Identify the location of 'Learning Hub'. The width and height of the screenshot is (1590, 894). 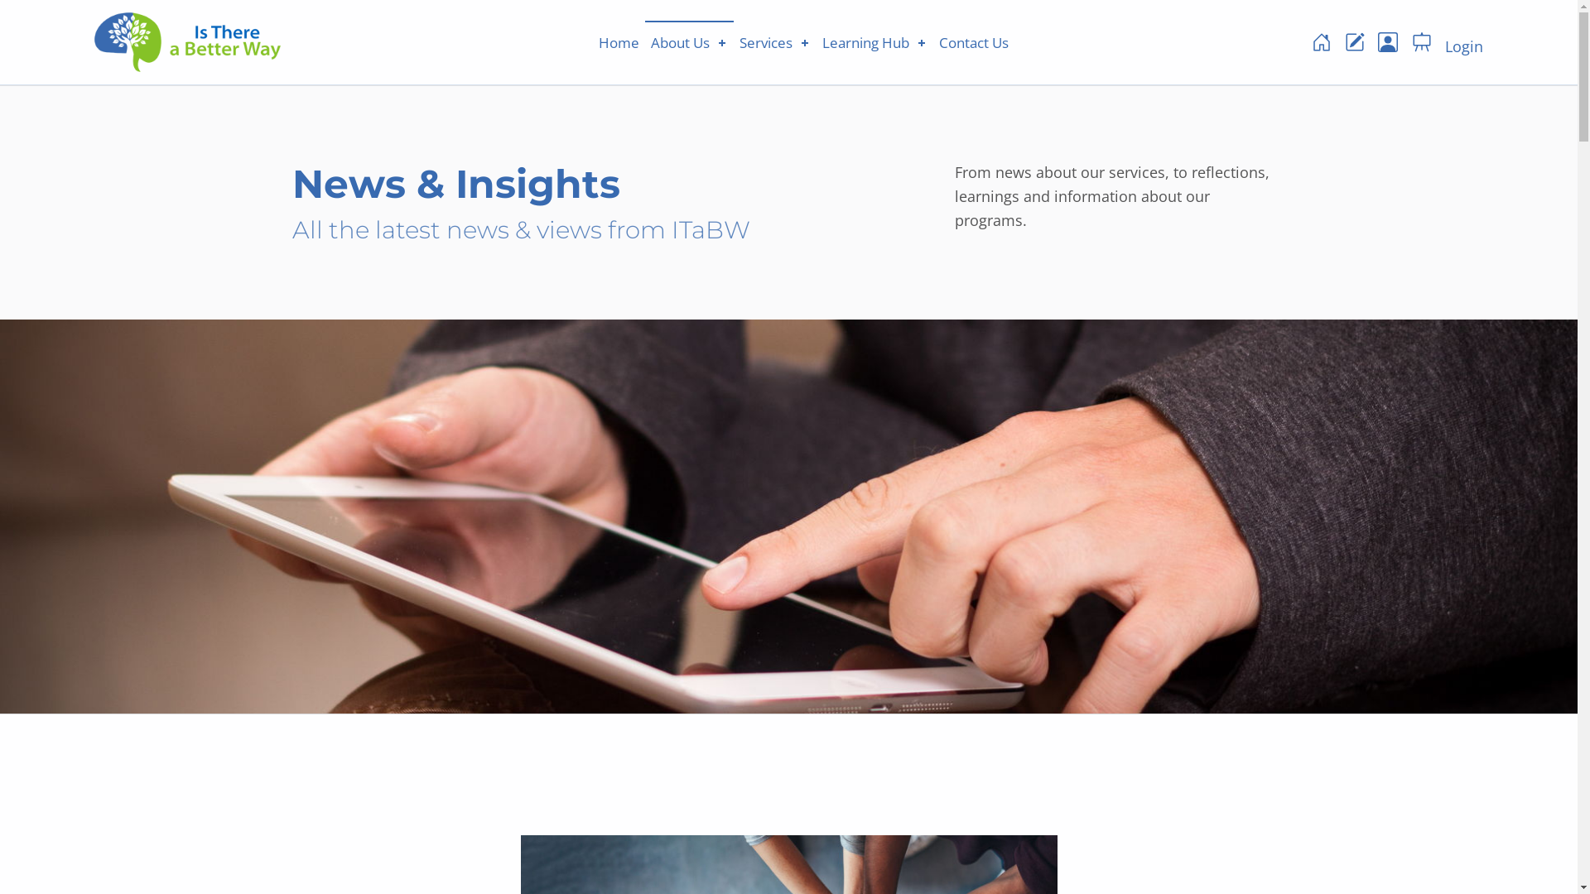
(816, 41).